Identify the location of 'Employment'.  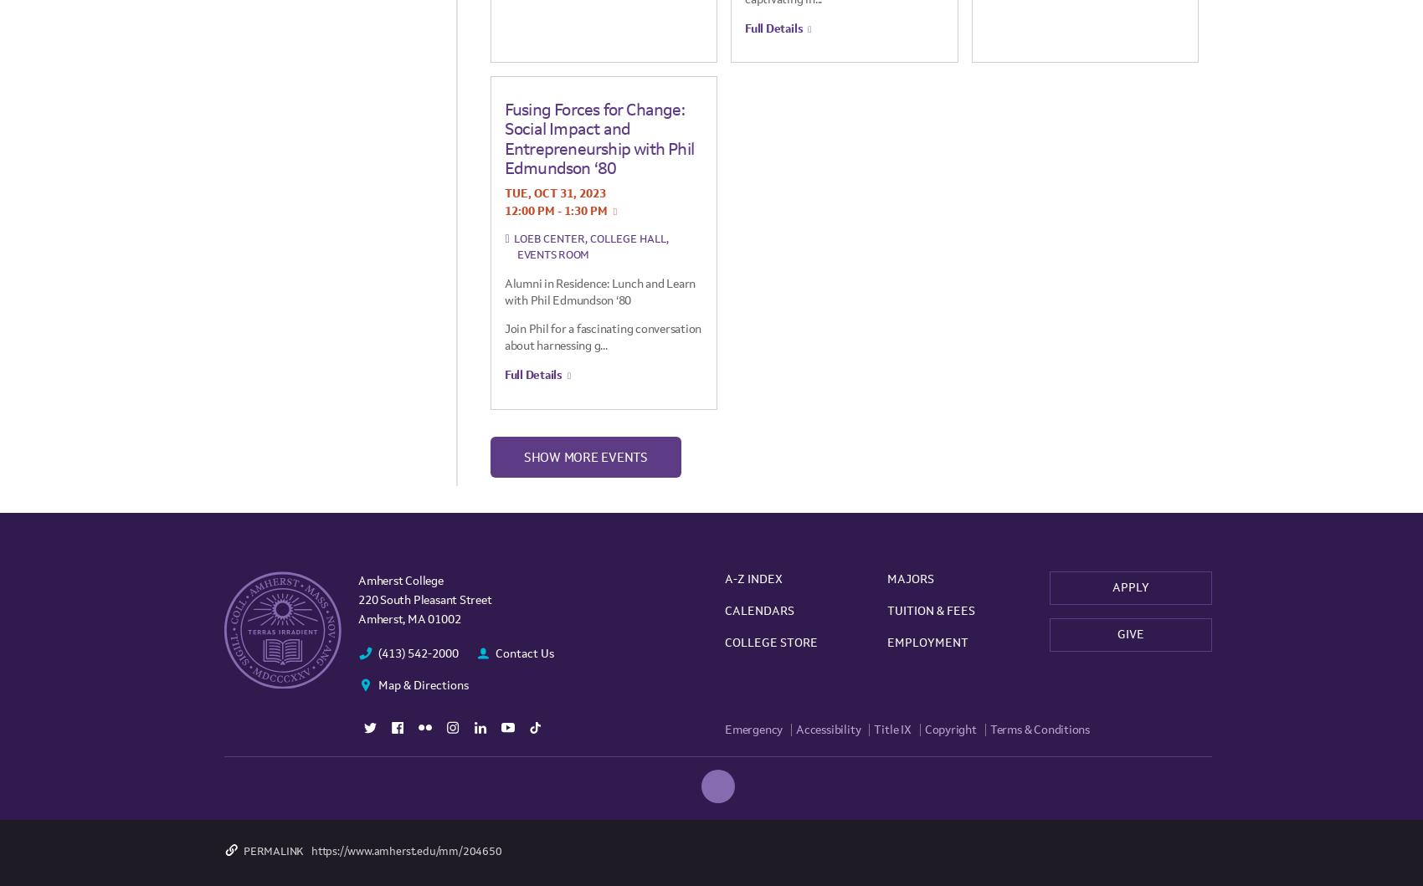
(927, 641).